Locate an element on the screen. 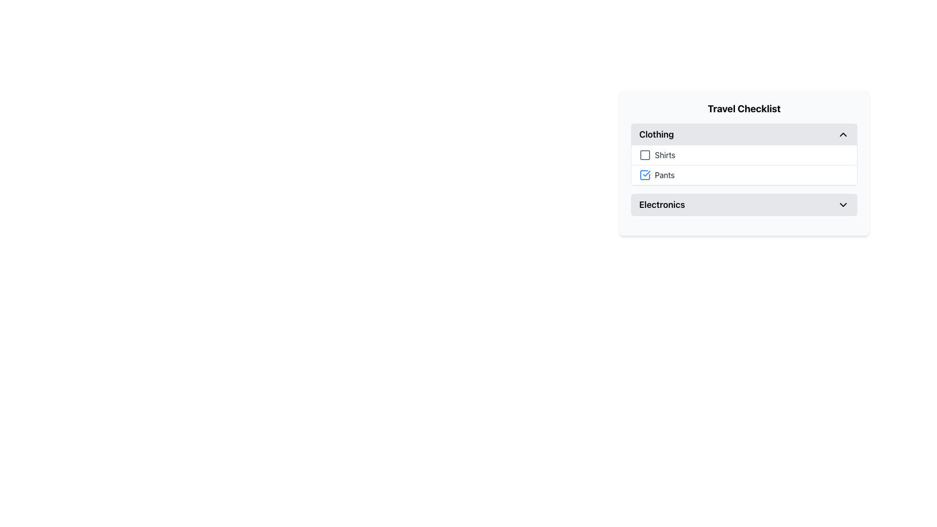 This screenshot has height=527, width=937. the blue checkmark icon located to the left of the 'Pants' label in the 'Clothing' section of the Travel Checklist interface is located at coordinates (647, 173).